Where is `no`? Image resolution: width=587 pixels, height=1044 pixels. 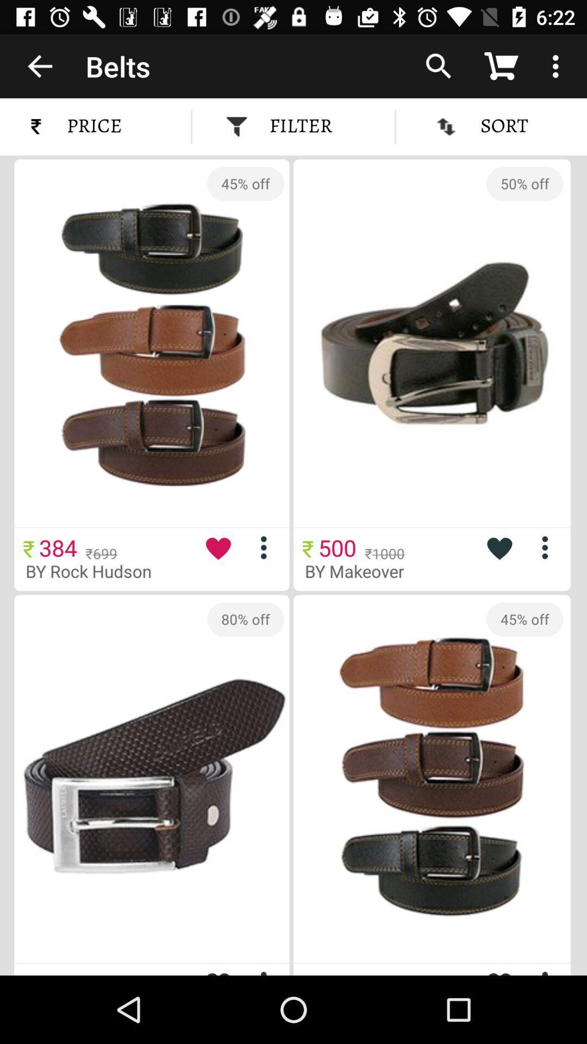 no is located at coordinates (549, 971).